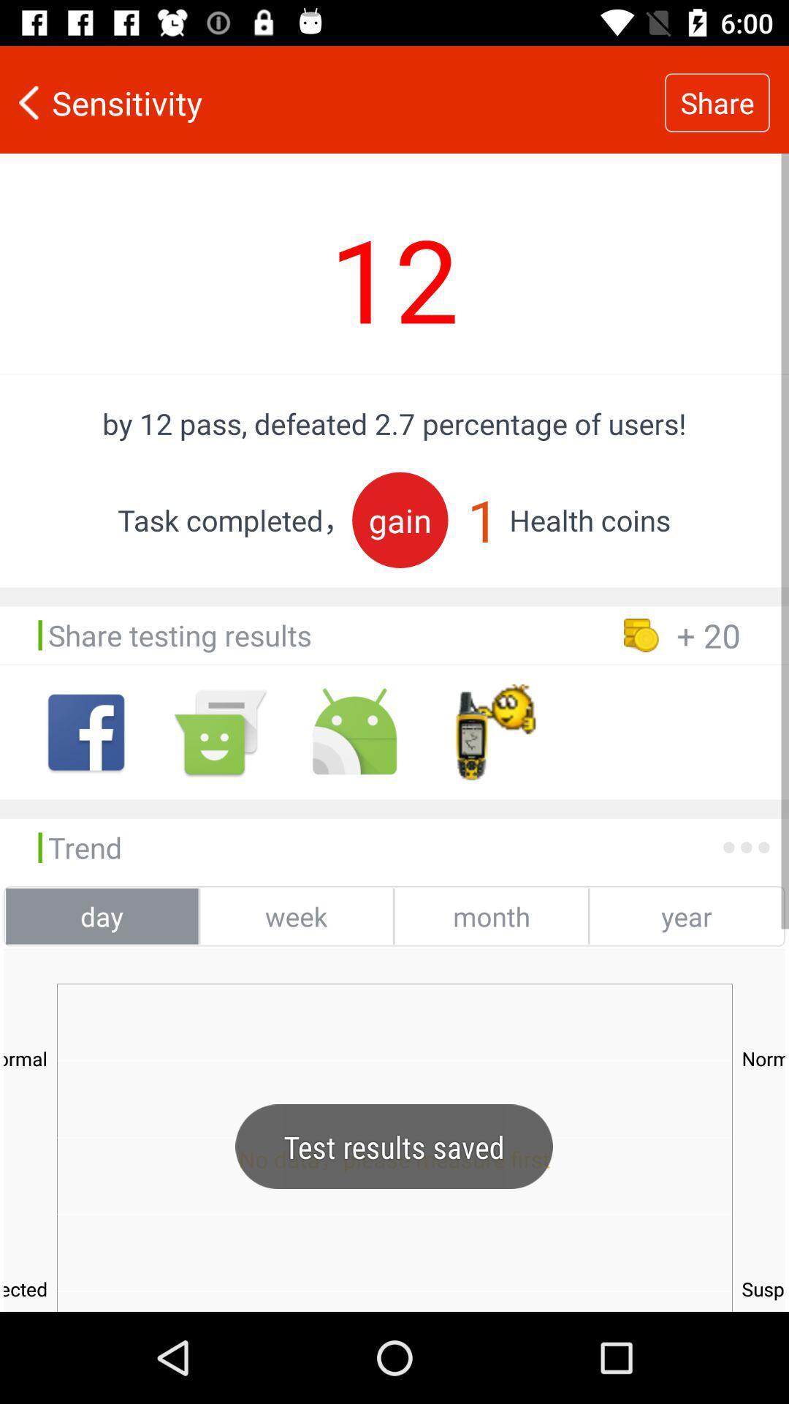 This screenshot has width=789, height=1404. Describe the element at coordinates (296, 916) in the screenshot. I see `week` at that location.